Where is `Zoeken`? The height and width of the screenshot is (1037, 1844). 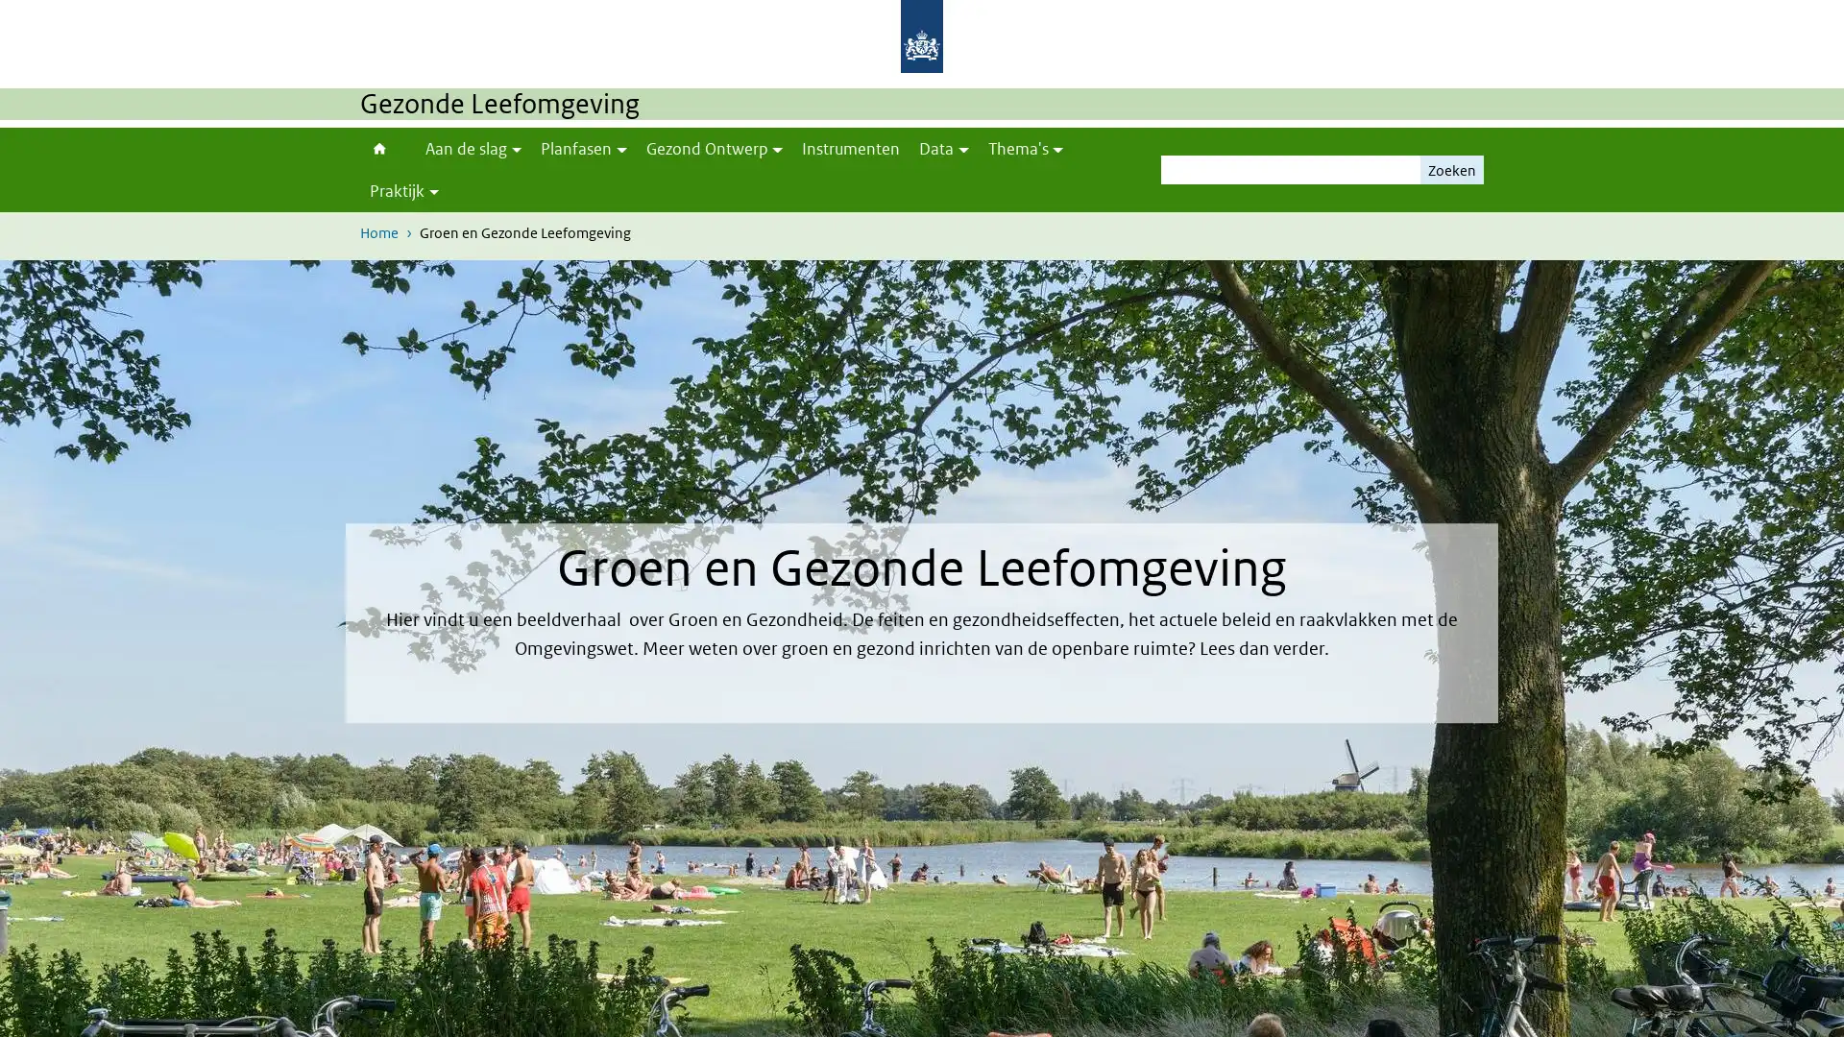 Zoeken is located at coordinates (1452, 169).